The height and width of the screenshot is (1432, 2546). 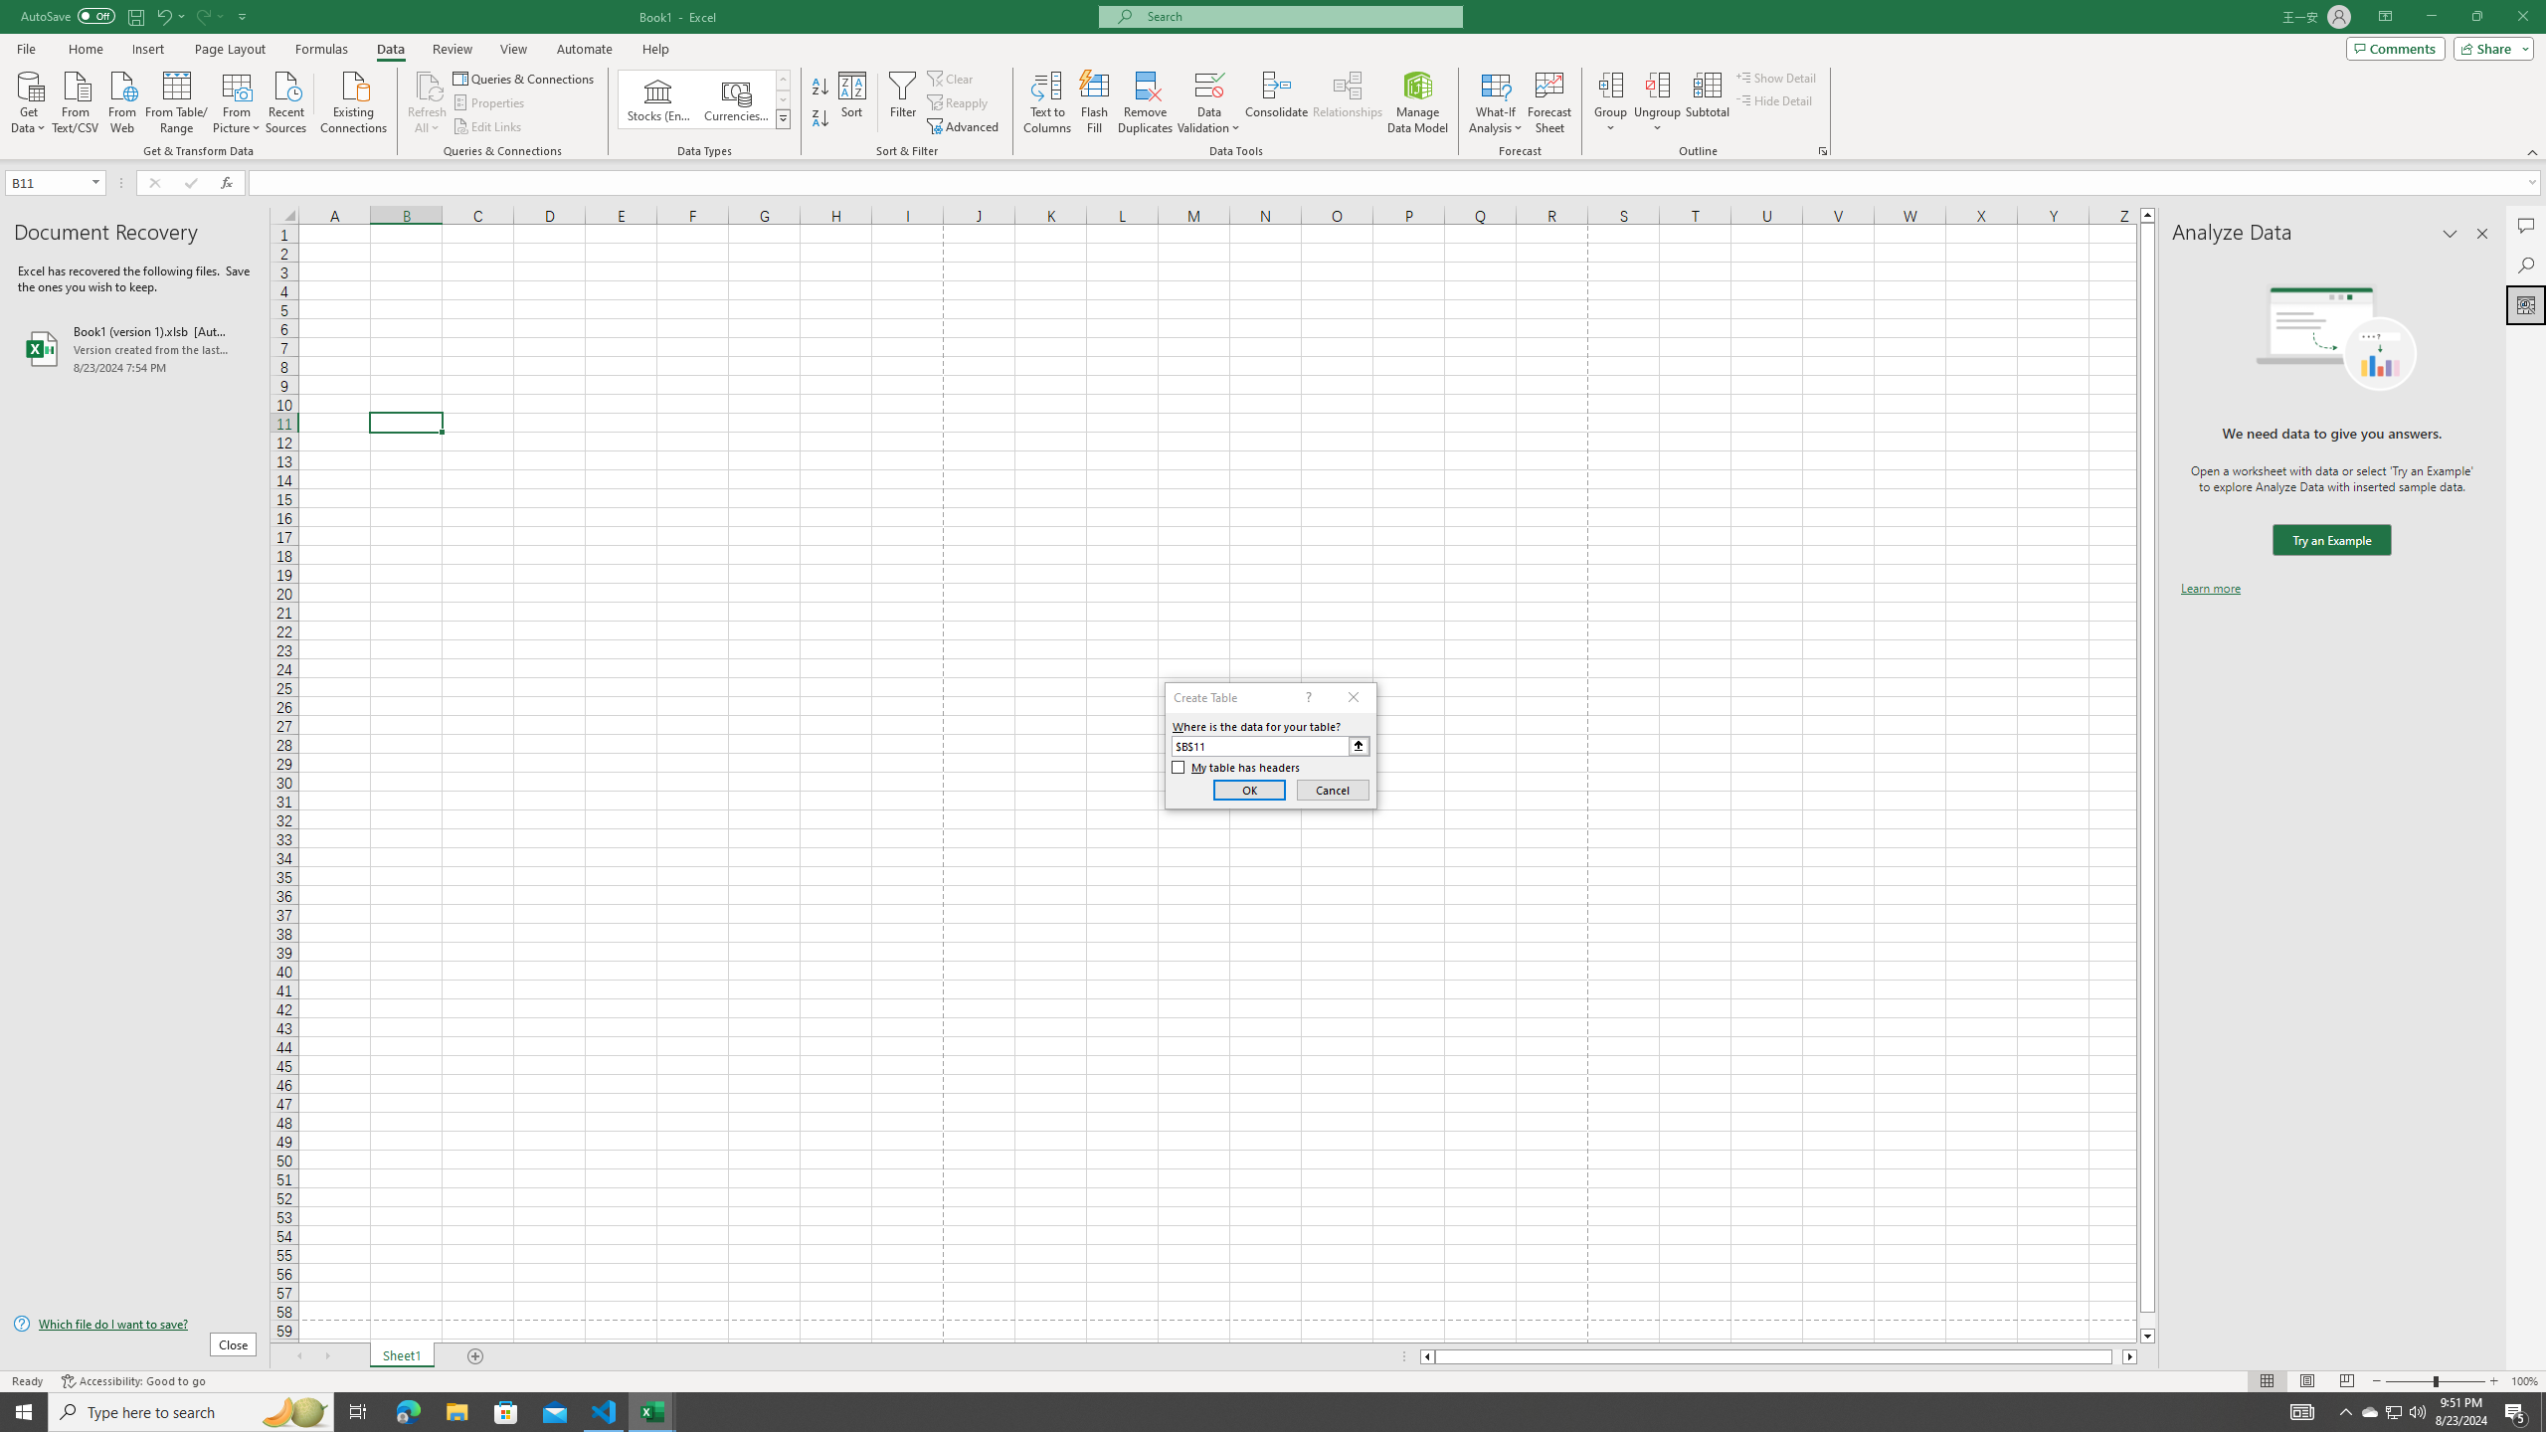 What do you see at coordinates (2395, 47) in the screenshot?
I see `'Comments'` at bounding box center [2395, 47].